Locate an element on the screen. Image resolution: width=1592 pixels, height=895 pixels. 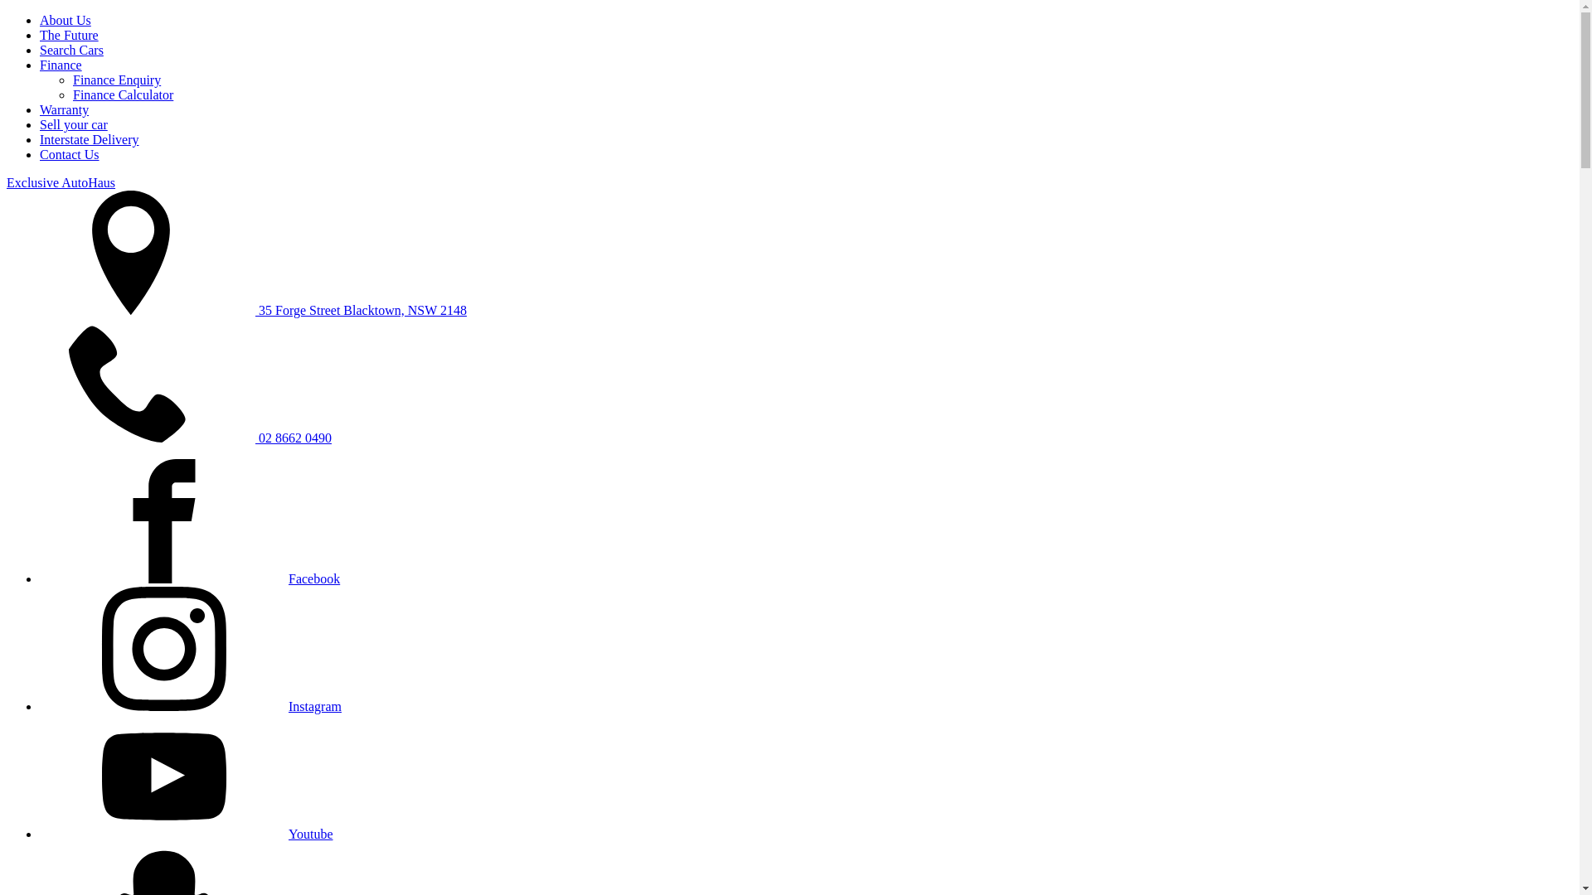
'About Us' is located at coordinates (65, 20).